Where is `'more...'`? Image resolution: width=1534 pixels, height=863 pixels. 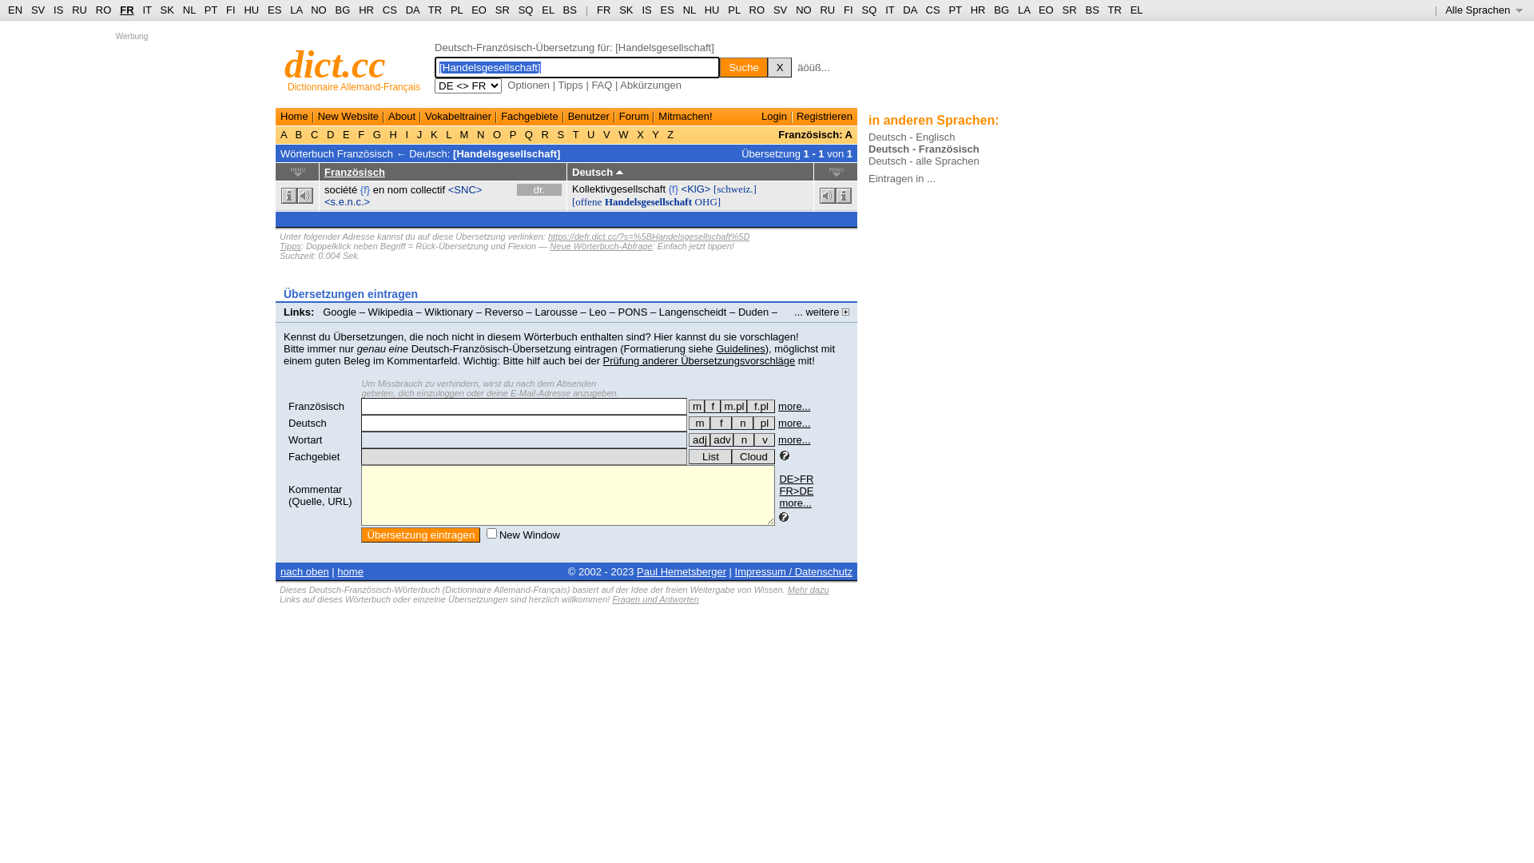
'more...' is located at coordinates (793, 422).